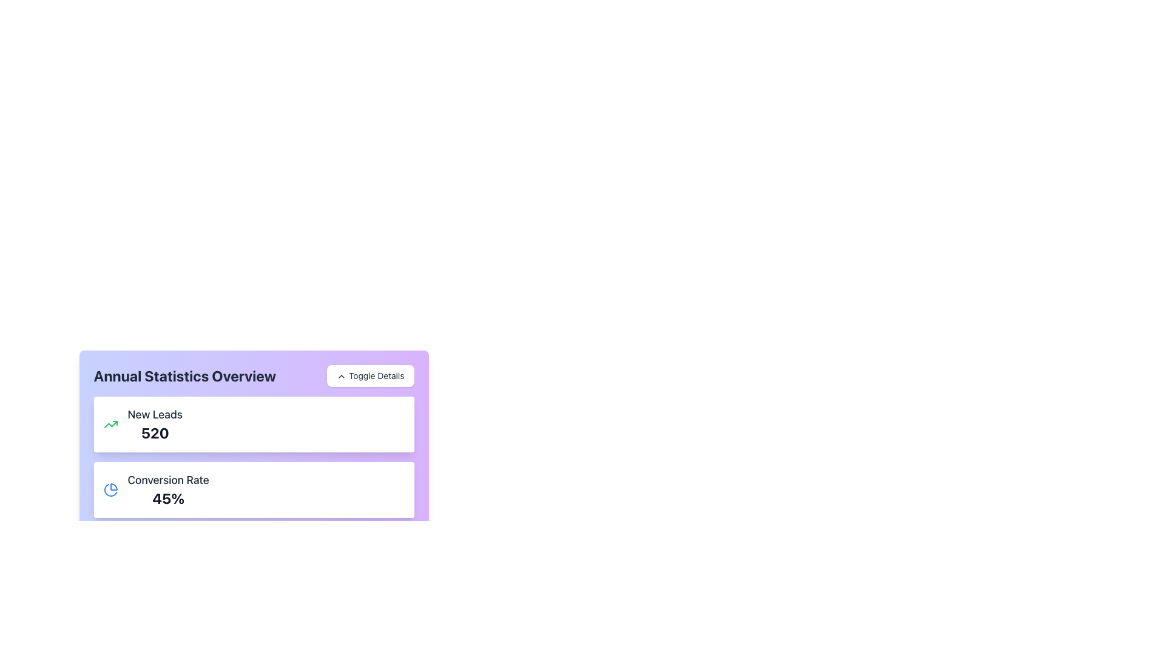  I want to click on the Information Card that displays the conversion rate metric, positioned between the 'New Leads' card and the 'Average Time' card in the 'Annual Statistics Overview' section, so click(253, 489).